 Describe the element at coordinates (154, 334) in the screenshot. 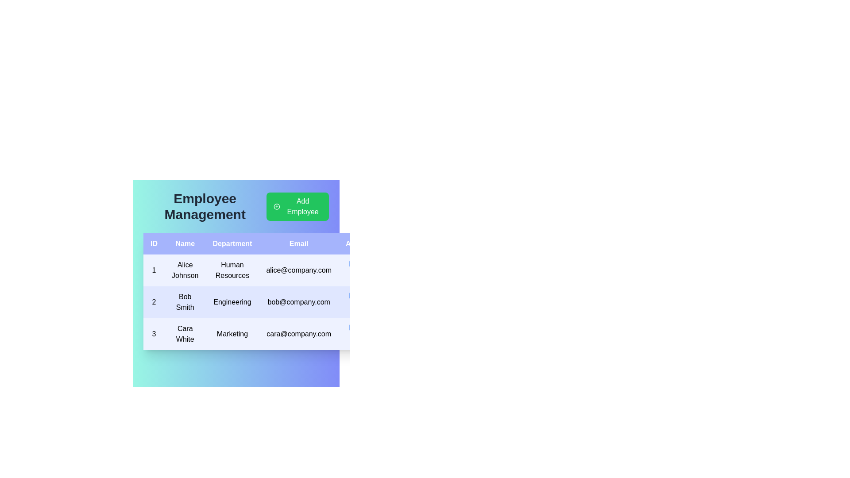

I see `the table cell in the 'ID' column that identifies the user 'Cara White' to associate it with the row information` at that location.